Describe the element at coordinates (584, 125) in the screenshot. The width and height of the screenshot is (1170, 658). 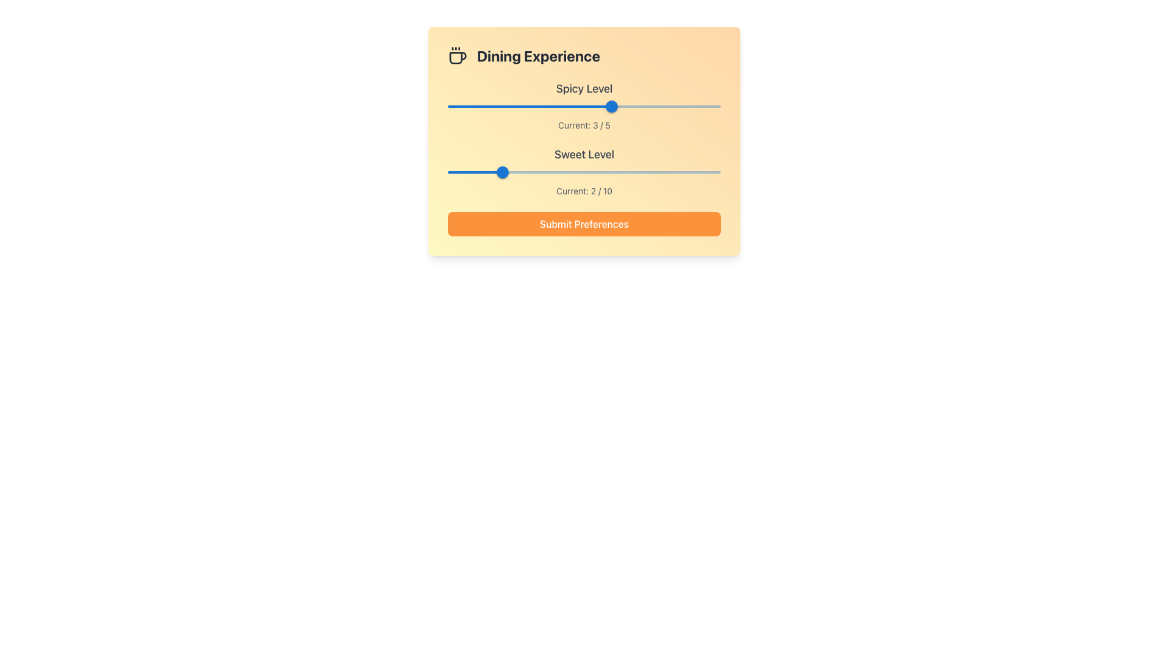
I see `the 'Current: 3 / 5' label, which is styled in gray and positioned below the 'Spicy Level' slider` at that location.